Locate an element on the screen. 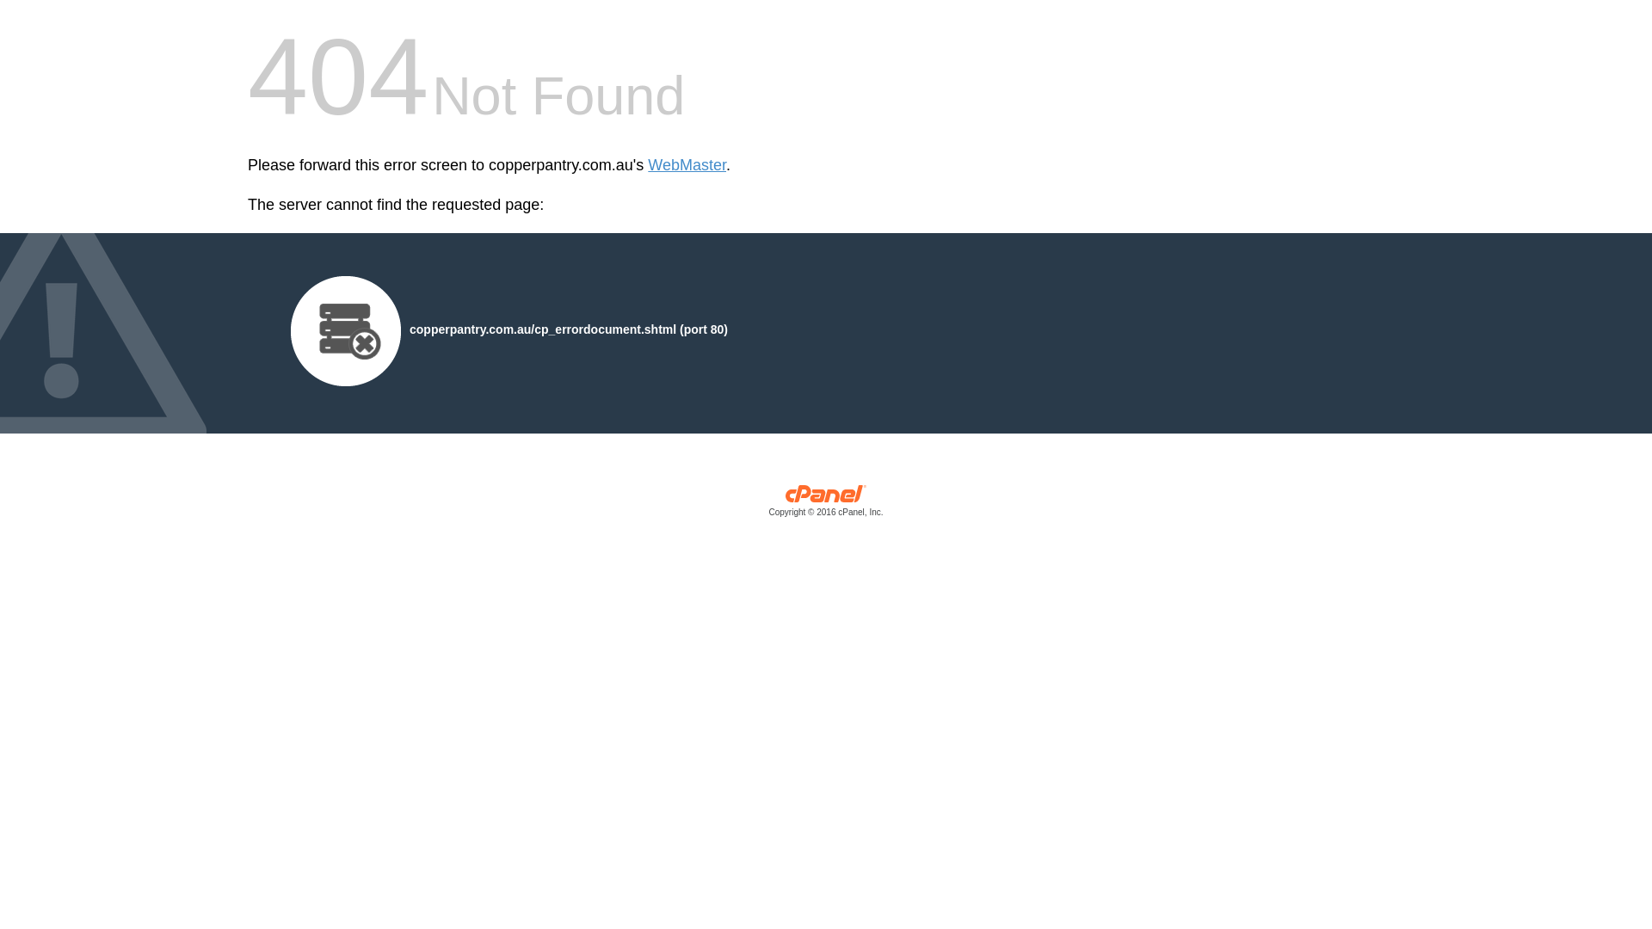 This screenshot has width=1652, height=929. 'WebMaster' is located at coordinates (647, 165).